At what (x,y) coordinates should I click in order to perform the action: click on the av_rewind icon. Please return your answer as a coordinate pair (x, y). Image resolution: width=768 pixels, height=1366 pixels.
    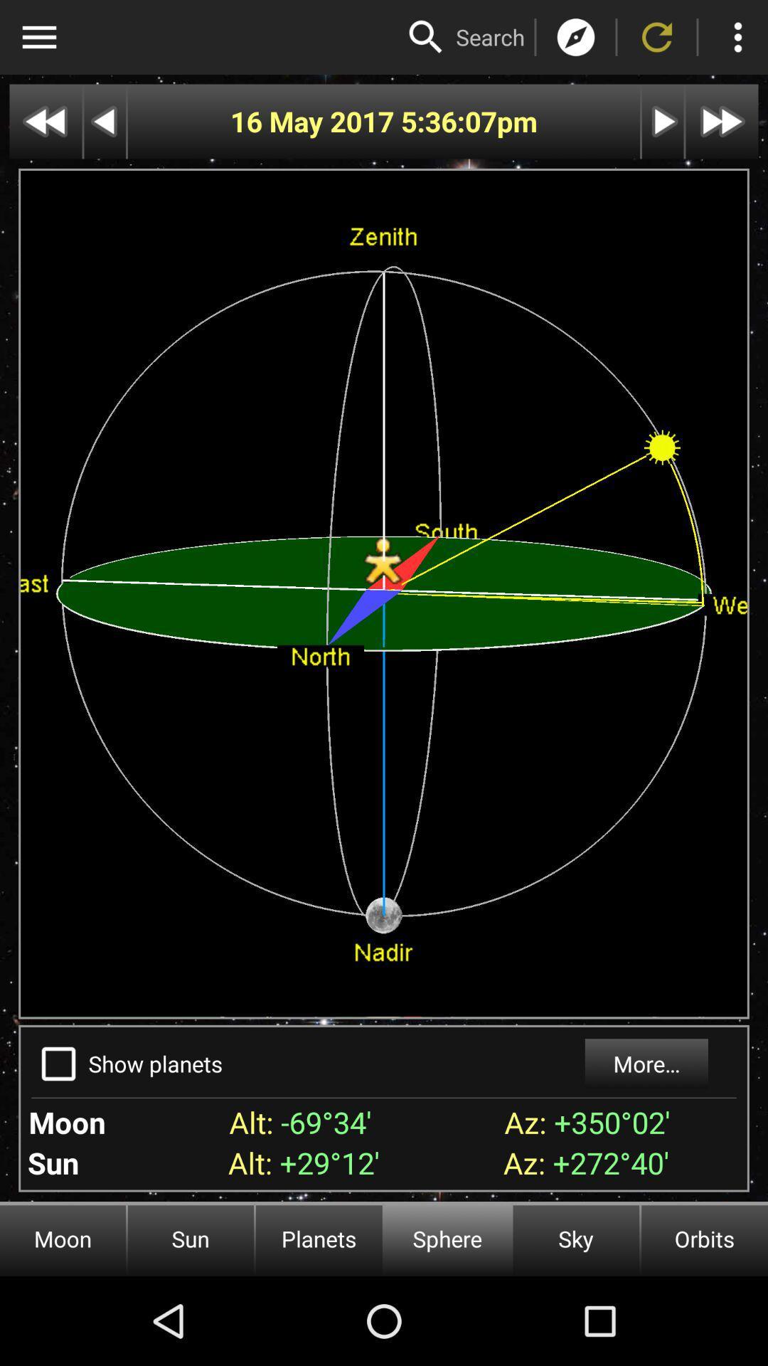
    Looking at the image, I should click on (45, 122).